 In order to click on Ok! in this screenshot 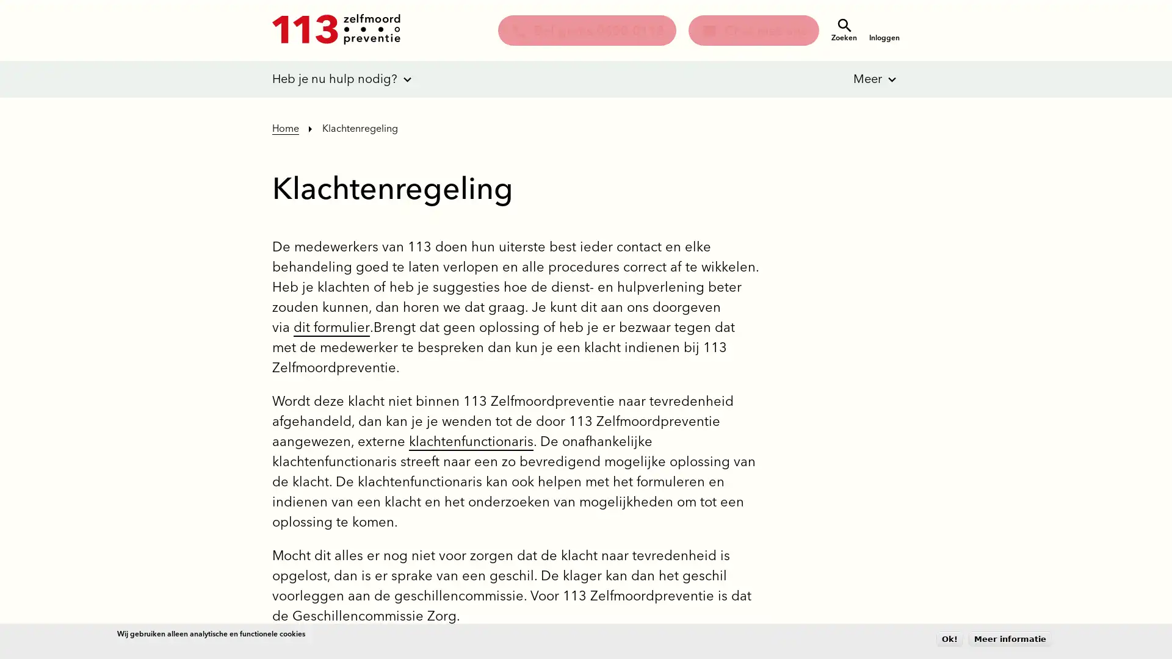, I will do `click(949, 638)`.